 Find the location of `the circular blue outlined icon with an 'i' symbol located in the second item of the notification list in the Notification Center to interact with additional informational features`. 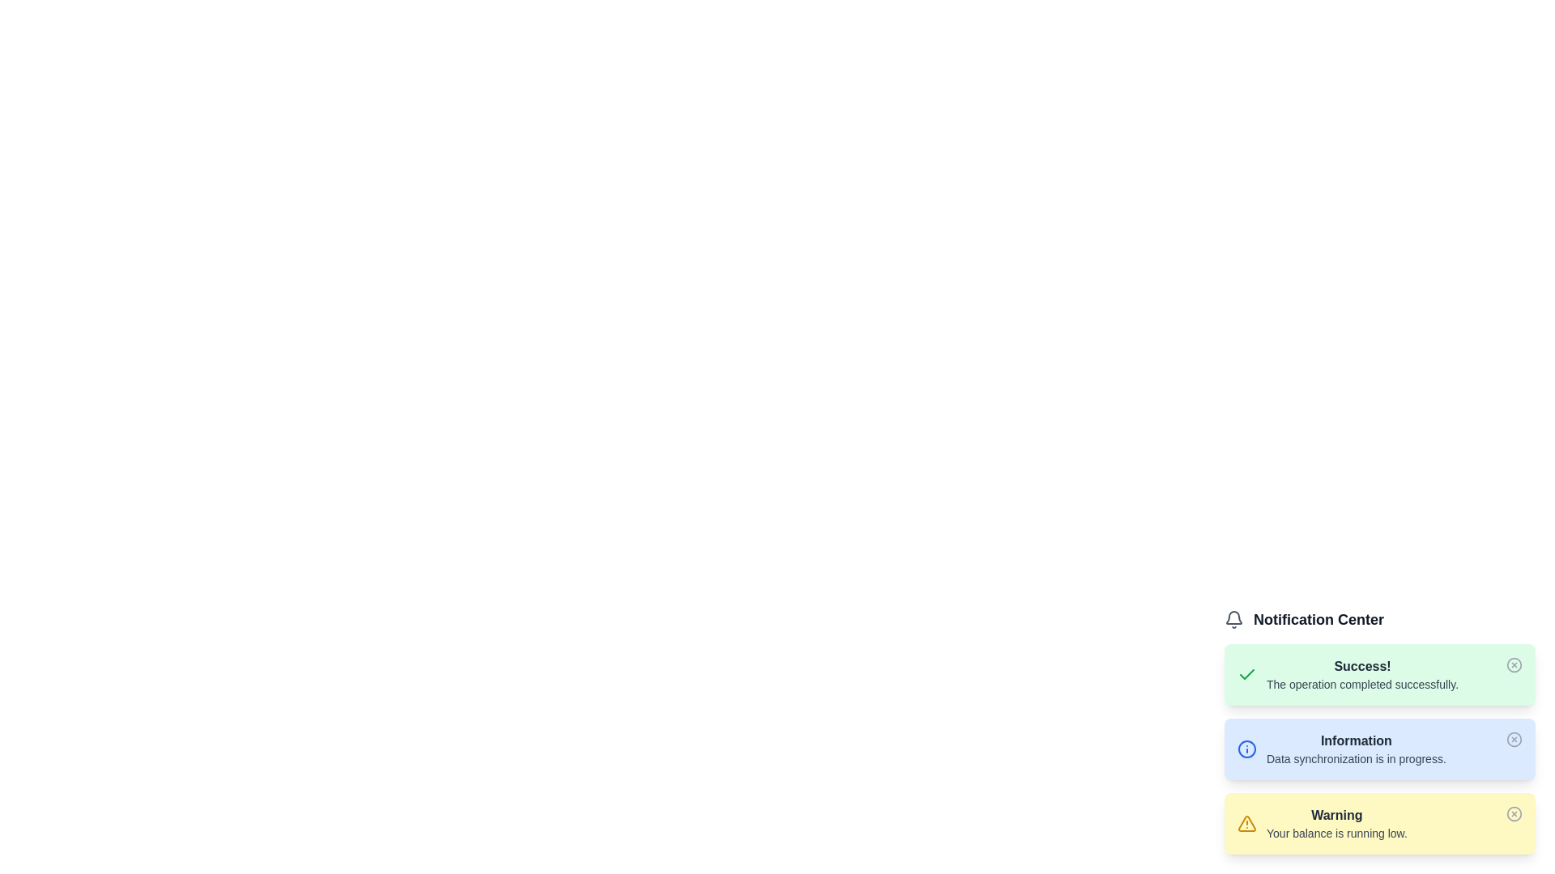

the circular blue outlined icon with an 'i' symbol located in the second item of the notification list in the Notification Center to interact with additional informational features is located at coordinates (1246, 749).